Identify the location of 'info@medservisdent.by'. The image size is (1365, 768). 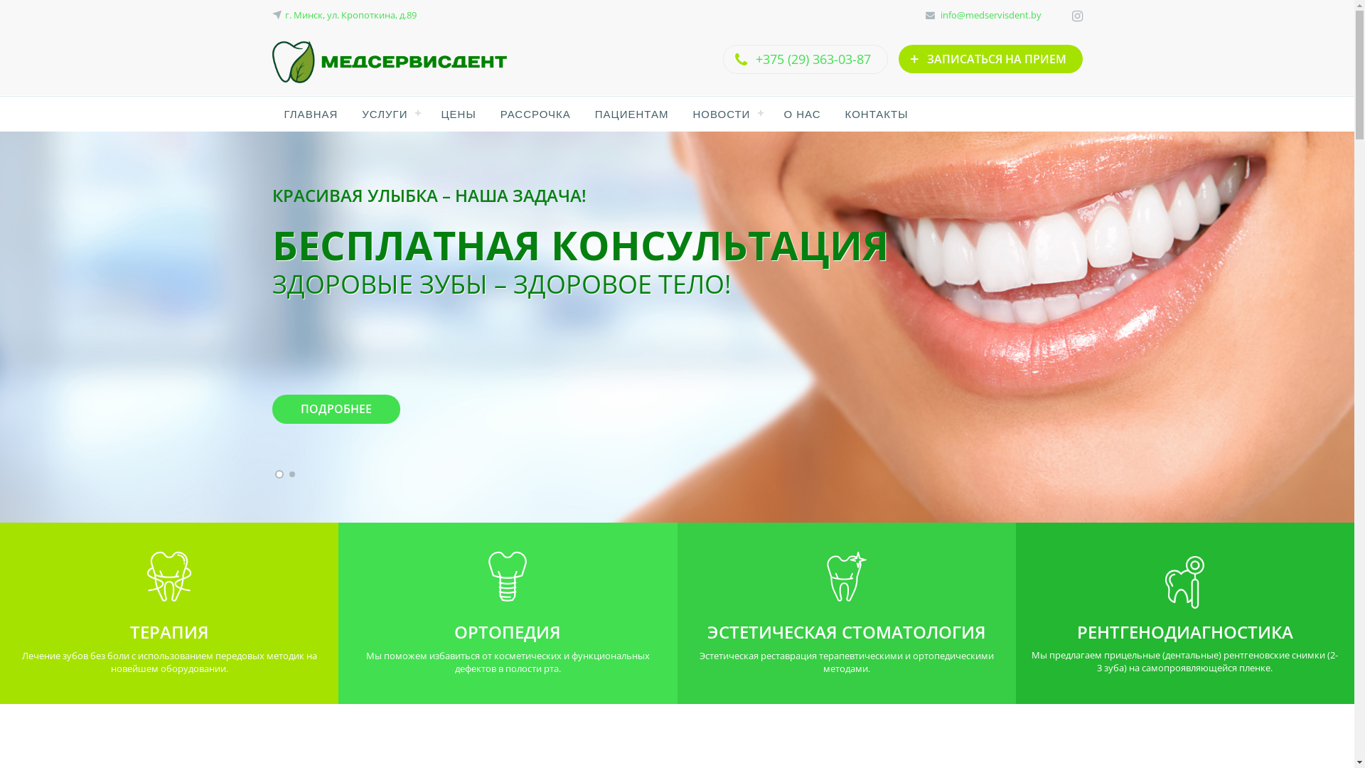
(939, 14).